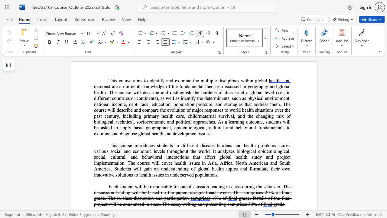 Image resolution: width=387 pixels, height=218 pixels. What do you see at coordinates (258, 80) in the screenshot?
I see `the 4th character "l" in the text` at bounding box center [258, 80].